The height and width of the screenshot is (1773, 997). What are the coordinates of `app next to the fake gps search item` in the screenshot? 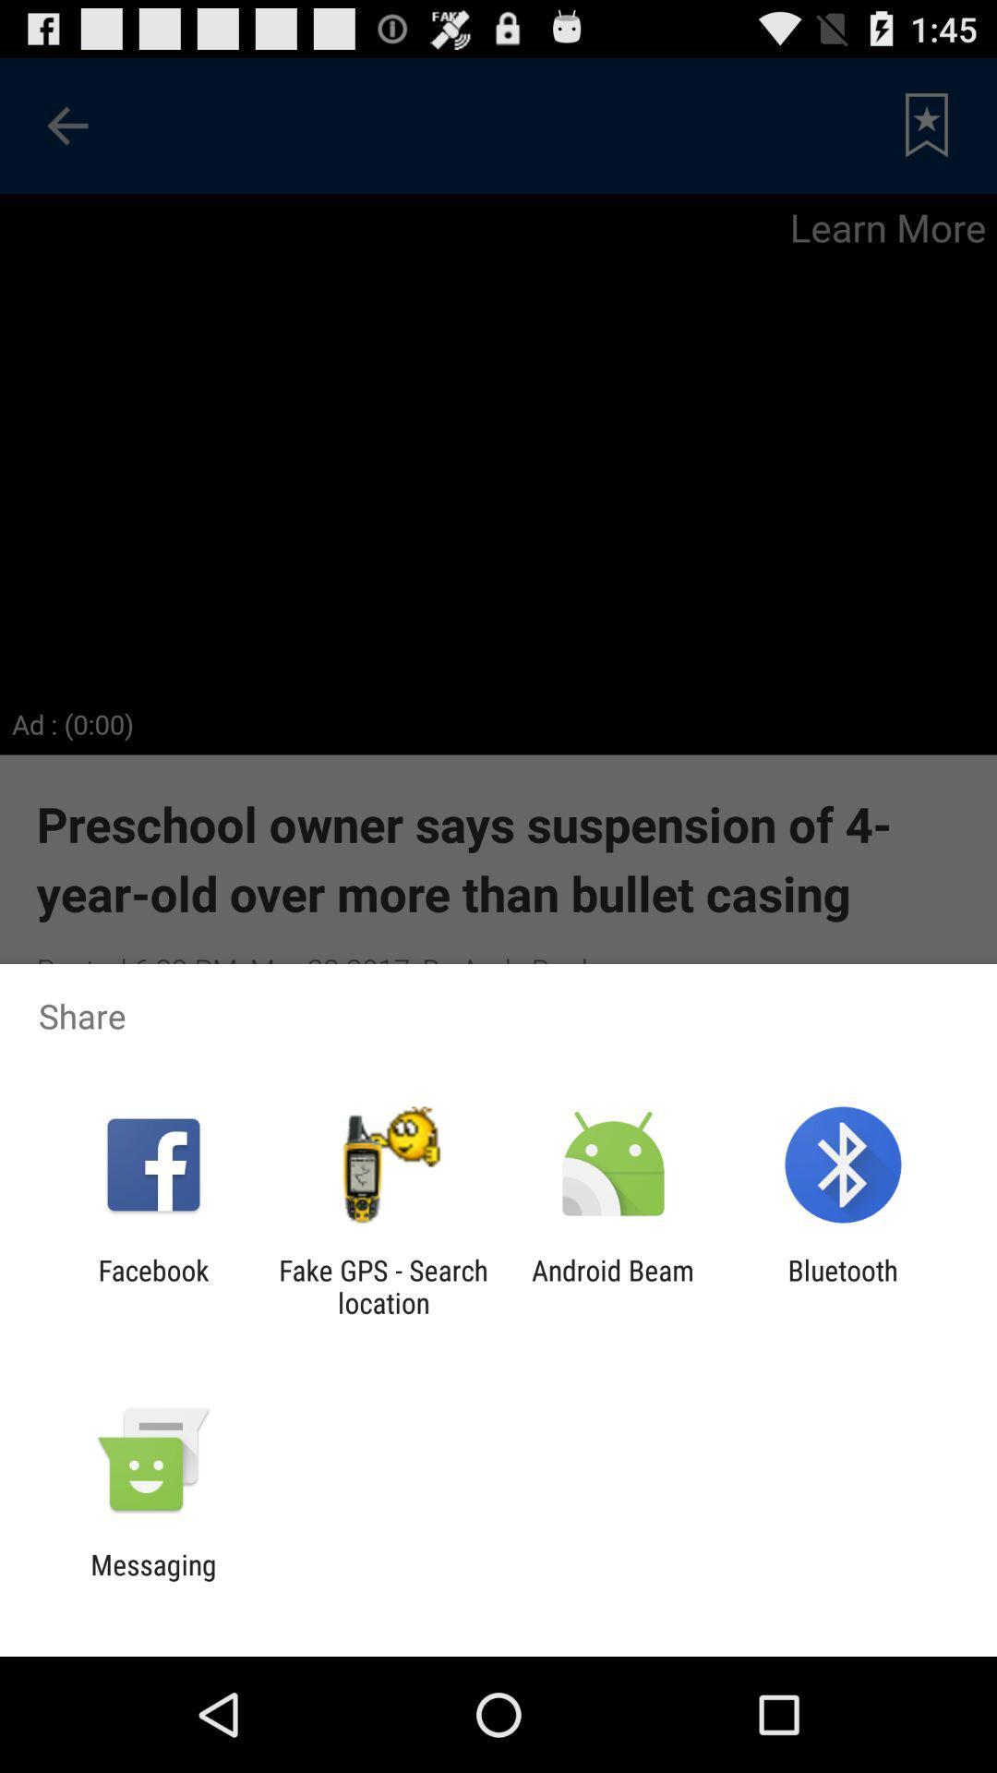 It's located at (613, 1285).